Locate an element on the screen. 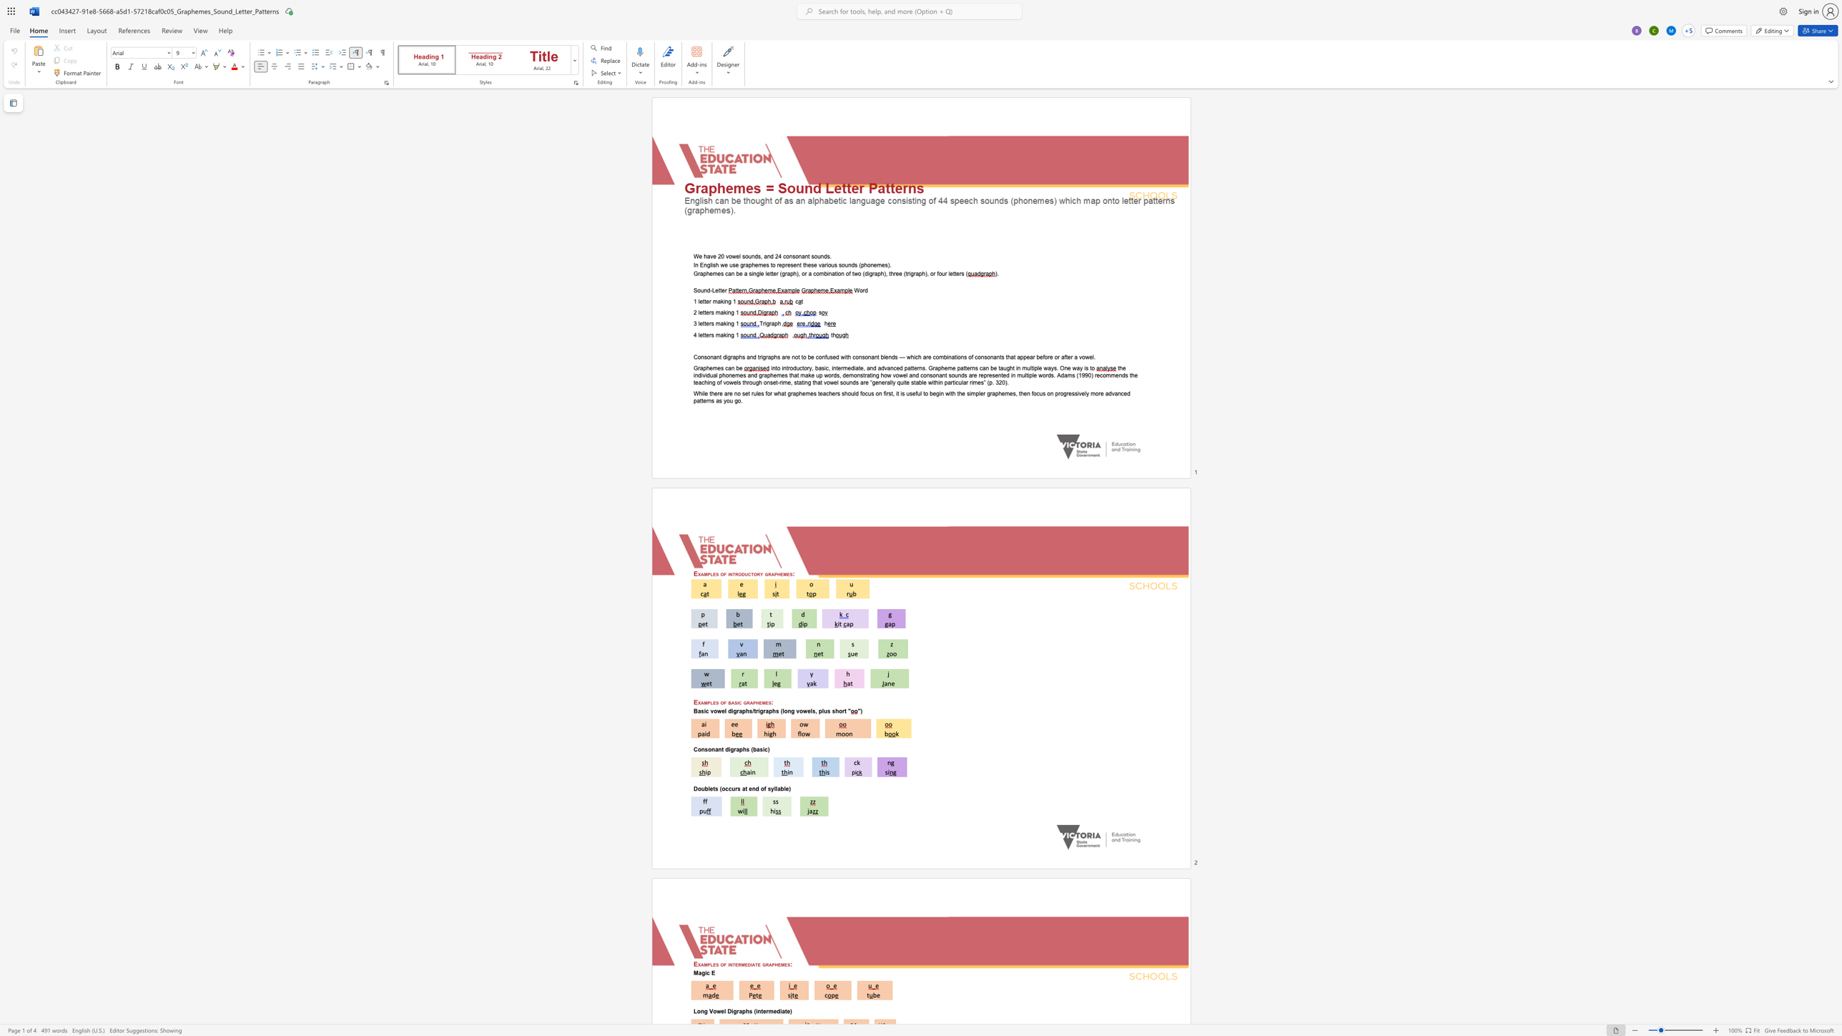 This screenshot has width=1842, height=1036. the 1th character "u" in the text is located at coordinates (943, 272).